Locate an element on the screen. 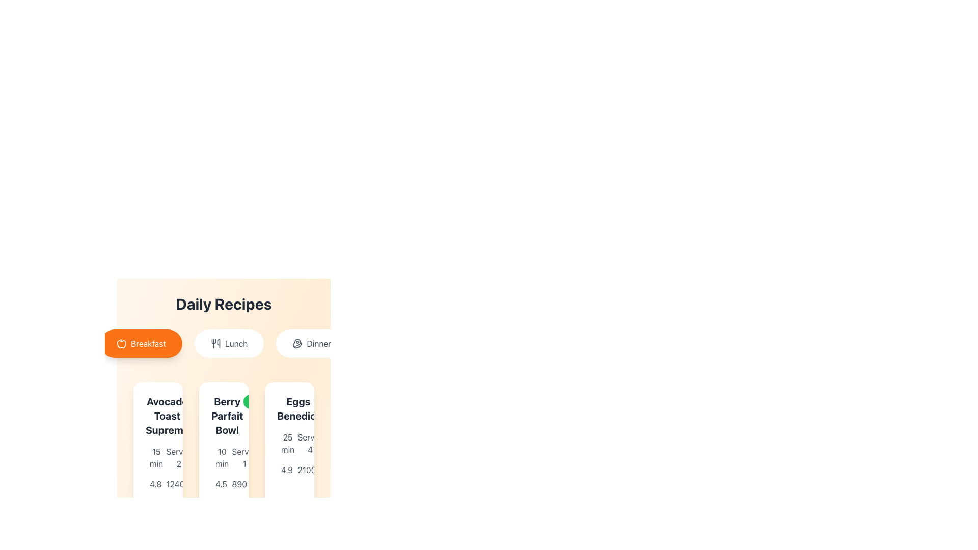  the recipe card displaying details such as title, preparation time, serving size, rating, and user count, which is the second card in the grid layout beneath the 'Daily Recipes' section is located at coordinates (223, 448).